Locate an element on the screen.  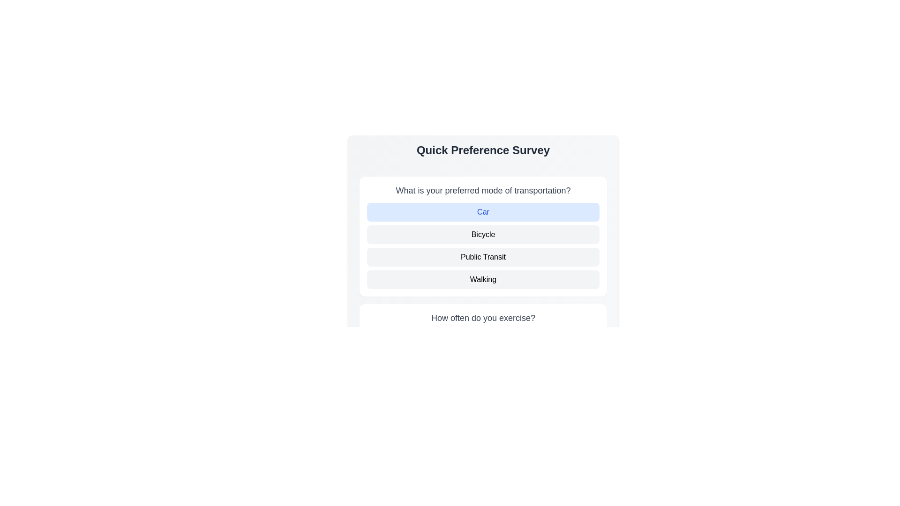
the 'Car' button, which is the first button in the transportation mode selection group is located at coordinates (483, 212).